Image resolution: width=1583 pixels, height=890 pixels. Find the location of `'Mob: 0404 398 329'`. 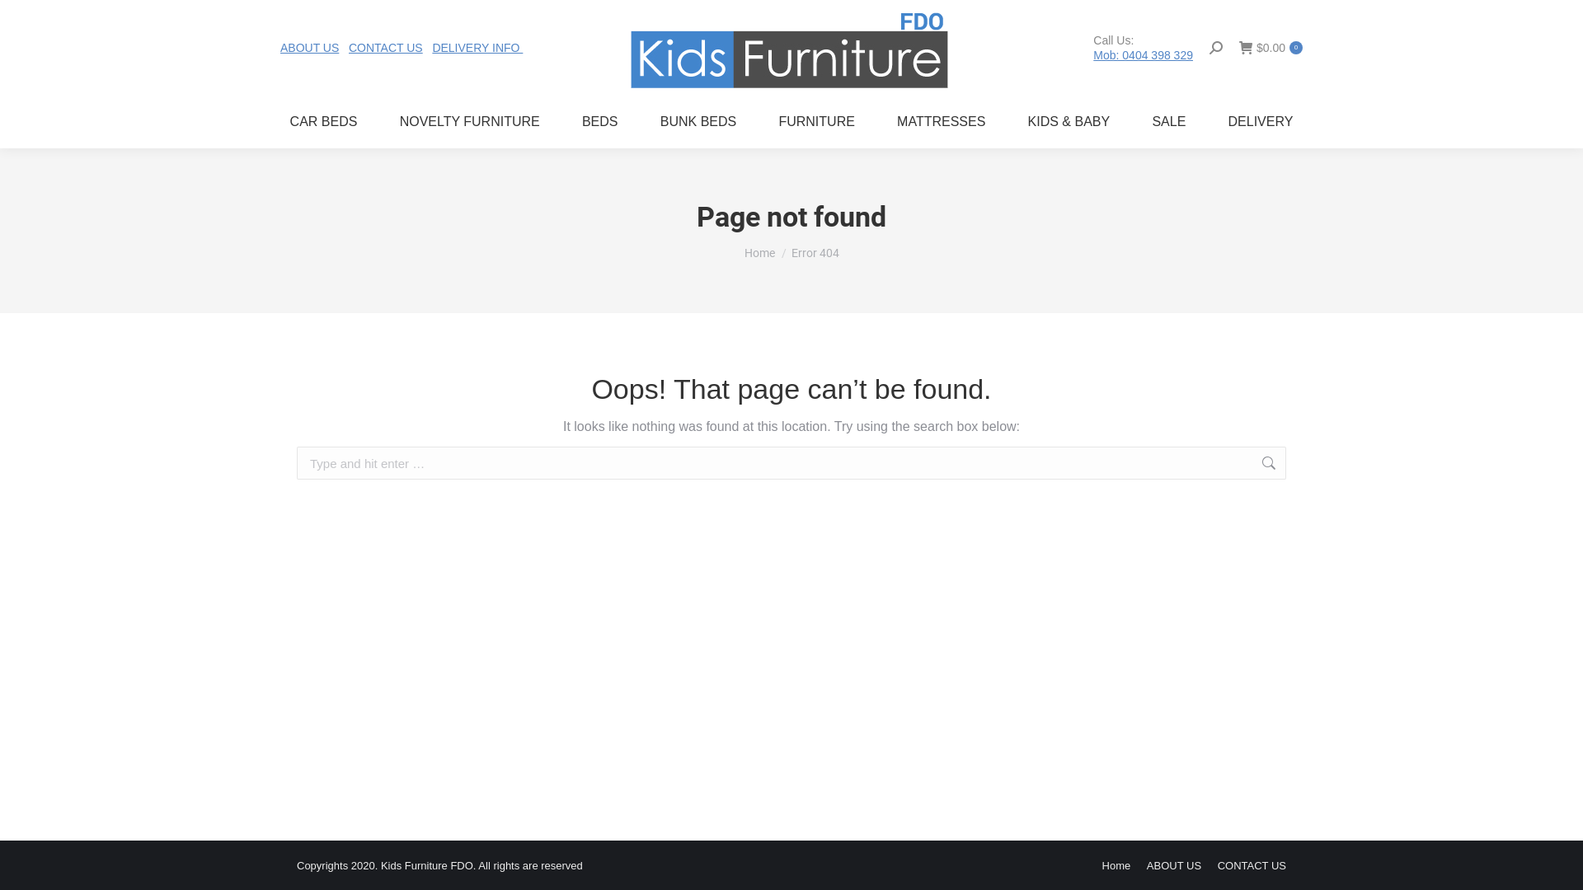

'Mob: 0404 398 329' is located at coordinates (1142, 53).